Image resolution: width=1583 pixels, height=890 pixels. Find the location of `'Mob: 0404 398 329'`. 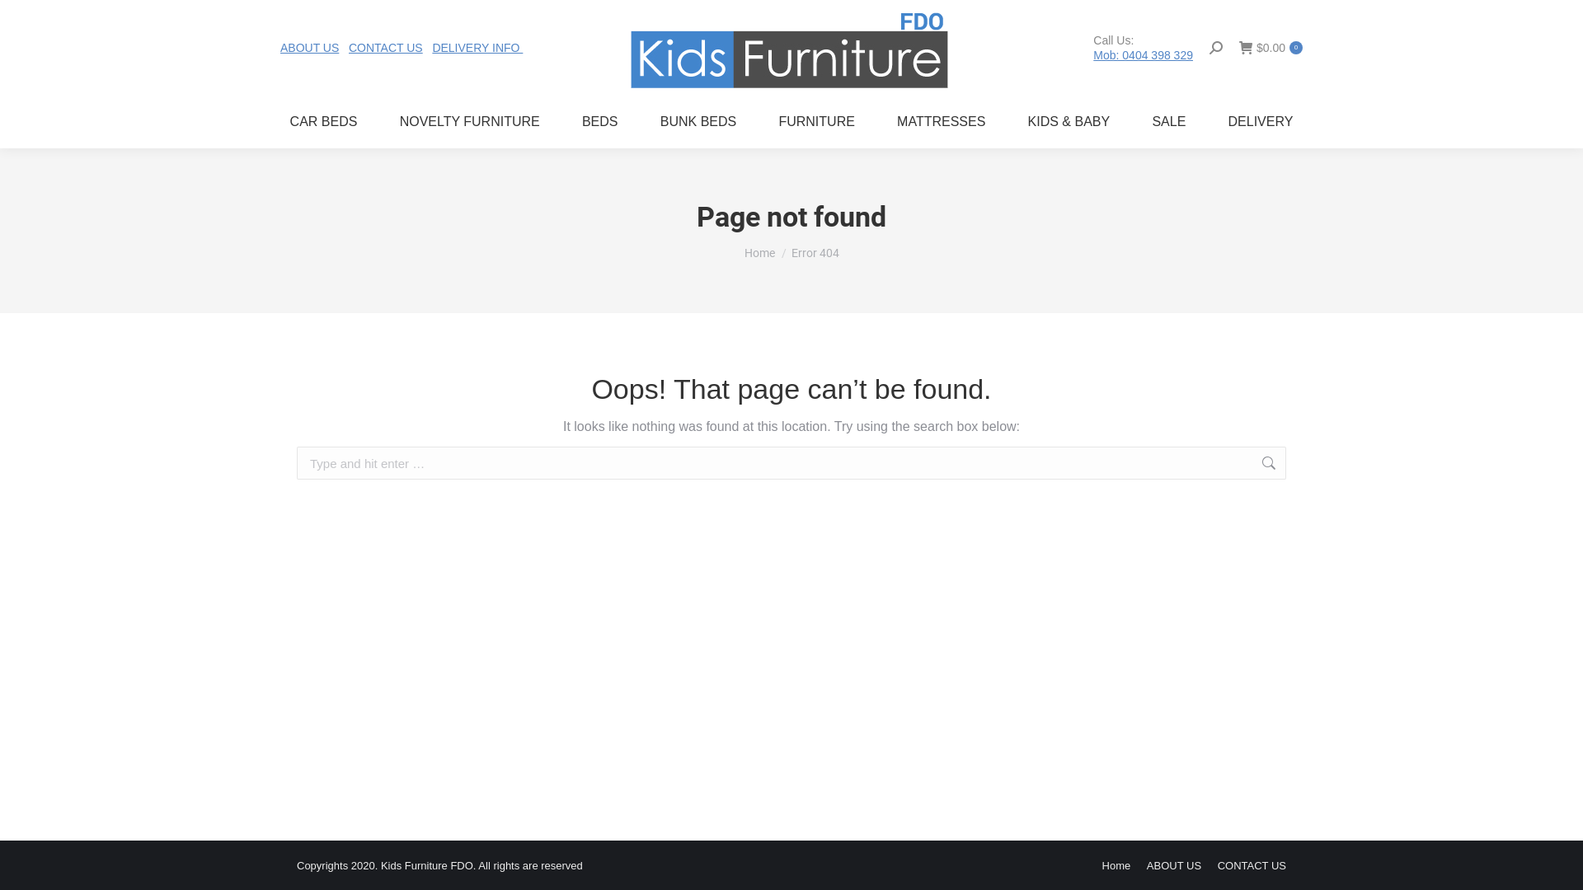

'Mob: 0404 398 329' is located at coordinates (1142, 53).